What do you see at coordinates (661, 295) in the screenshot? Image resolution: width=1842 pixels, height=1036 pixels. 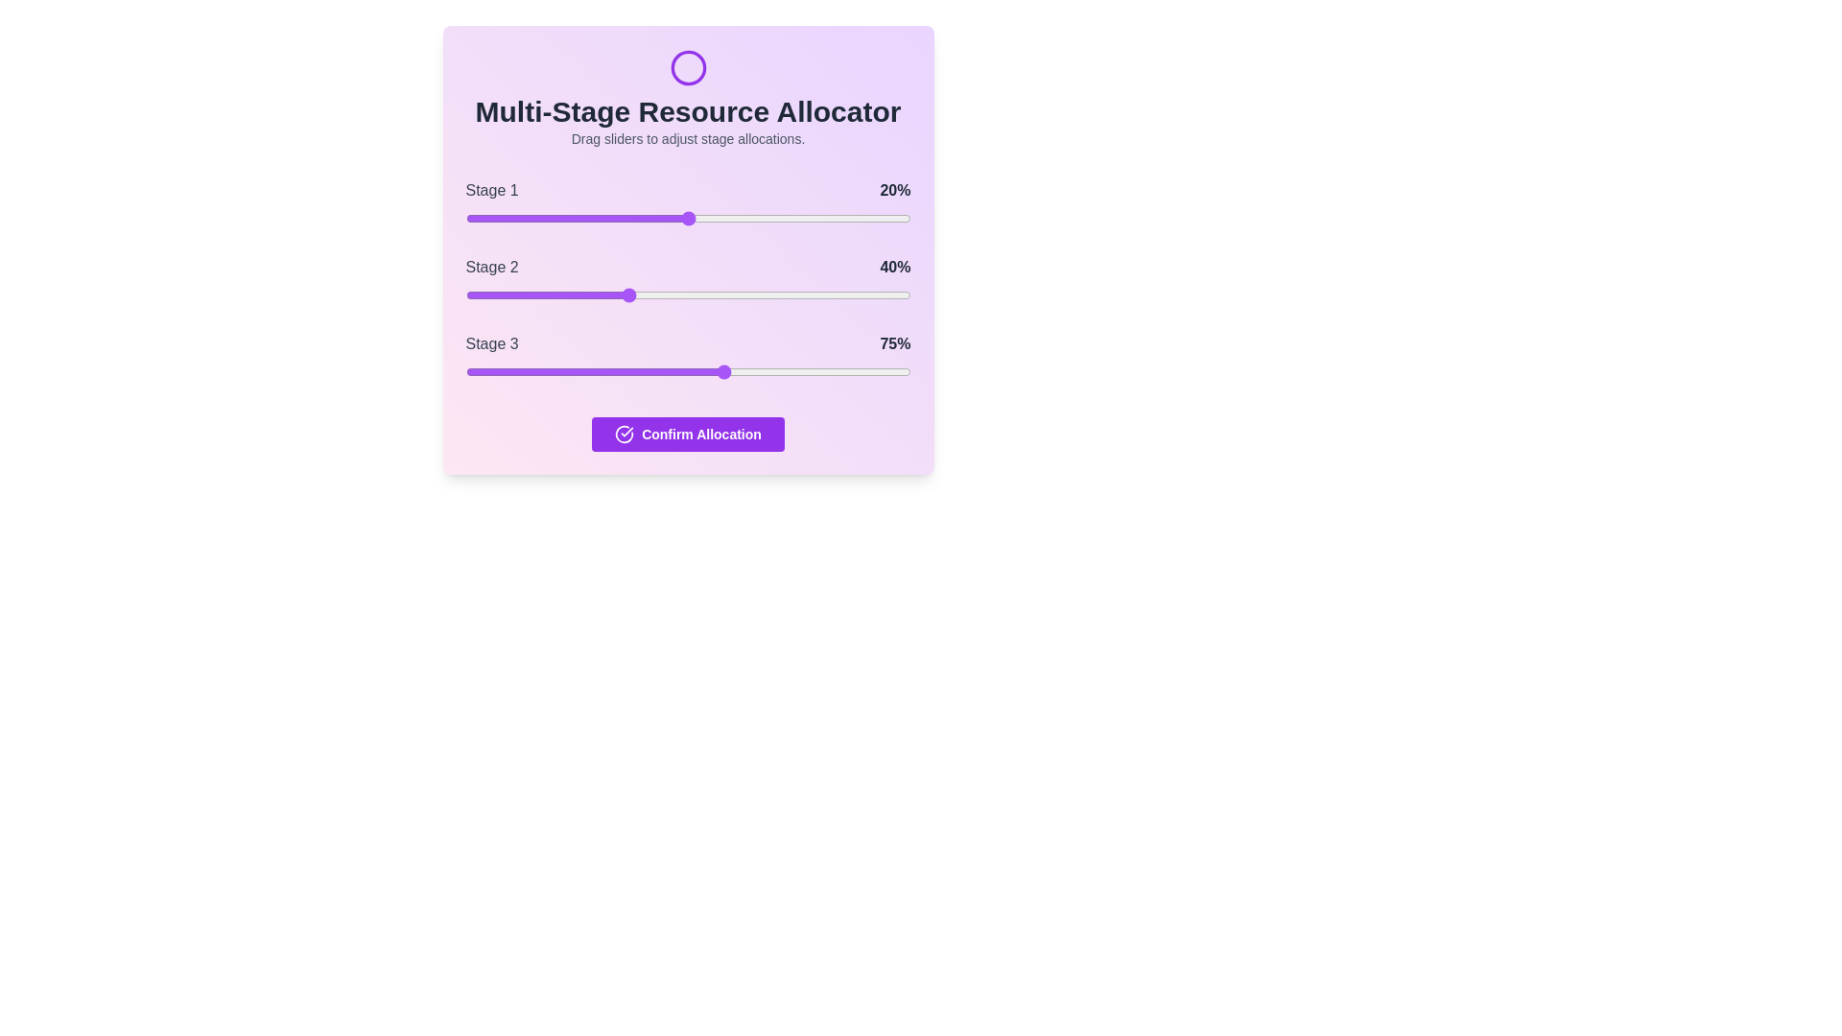 I see `the slider for Stage 2 to 44%` at bounding box center [661, 295].